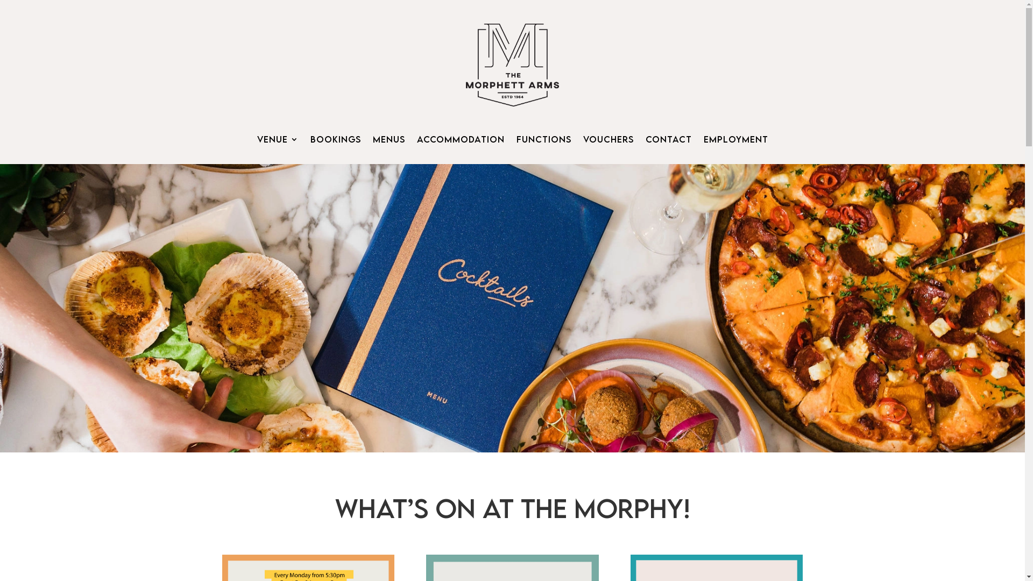  What do you see at coordinates (278, 140) in the screenshot?
I see `'VENUE'` at bounding box center [278, 140].